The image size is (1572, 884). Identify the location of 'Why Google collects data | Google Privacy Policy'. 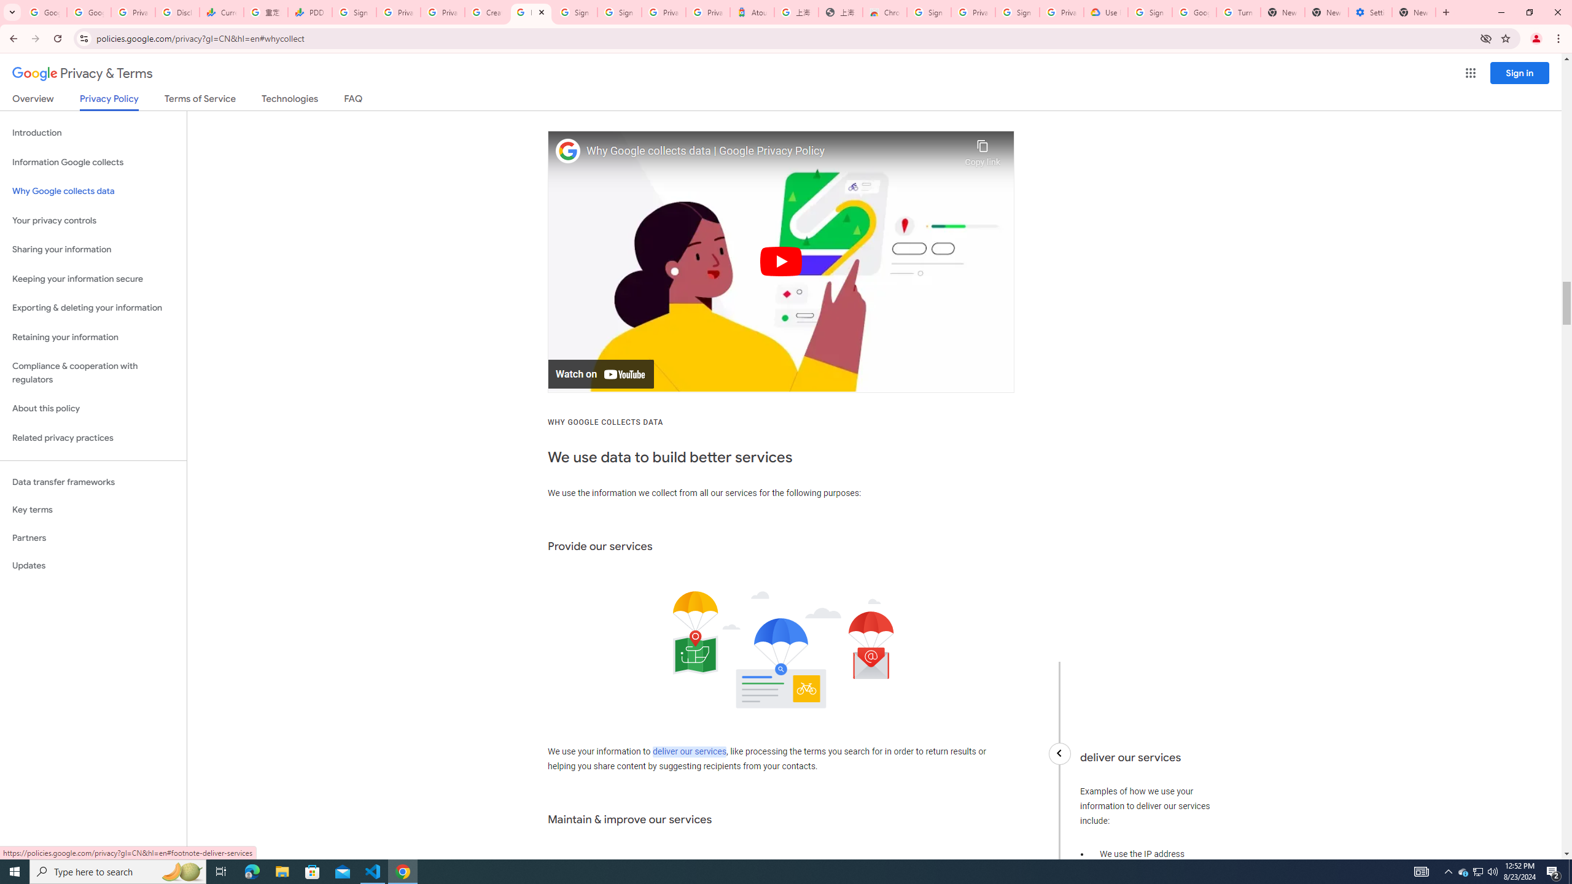
(772, 150).